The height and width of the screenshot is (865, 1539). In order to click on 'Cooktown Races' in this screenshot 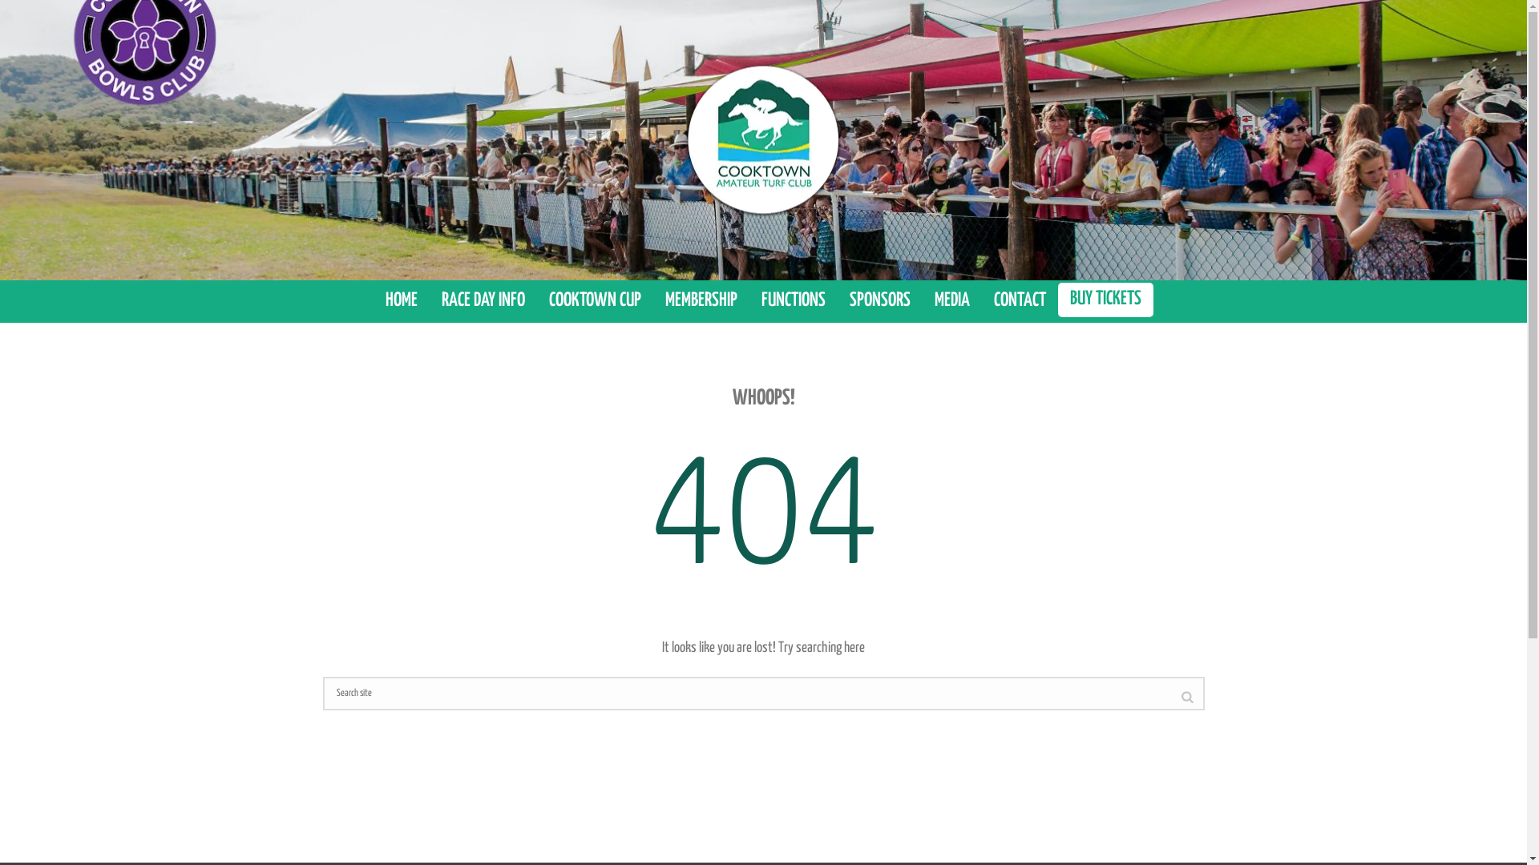, I will do `click(761, 139)`.